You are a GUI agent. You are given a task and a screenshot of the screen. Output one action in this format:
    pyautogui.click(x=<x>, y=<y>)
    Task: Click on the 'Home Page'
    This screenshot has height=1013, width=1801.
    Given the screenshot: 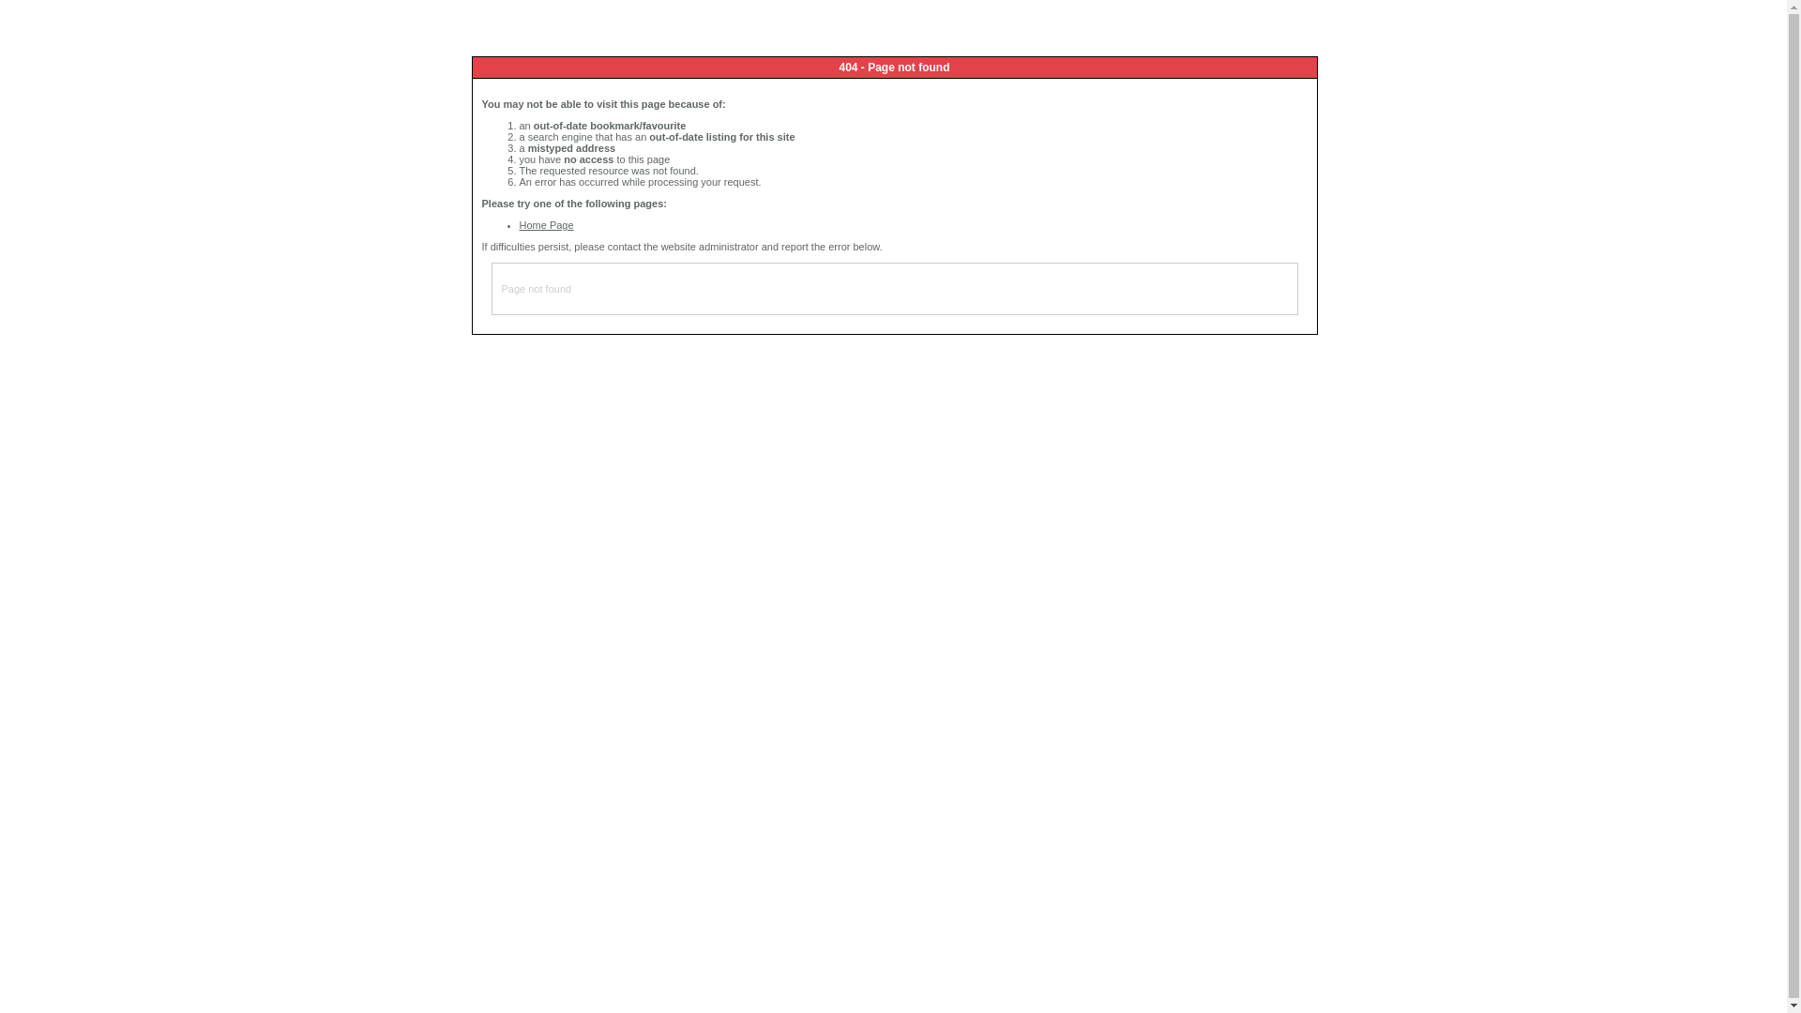 What is the action you would take?
    pyautogui.click(x=519, y=223)
    